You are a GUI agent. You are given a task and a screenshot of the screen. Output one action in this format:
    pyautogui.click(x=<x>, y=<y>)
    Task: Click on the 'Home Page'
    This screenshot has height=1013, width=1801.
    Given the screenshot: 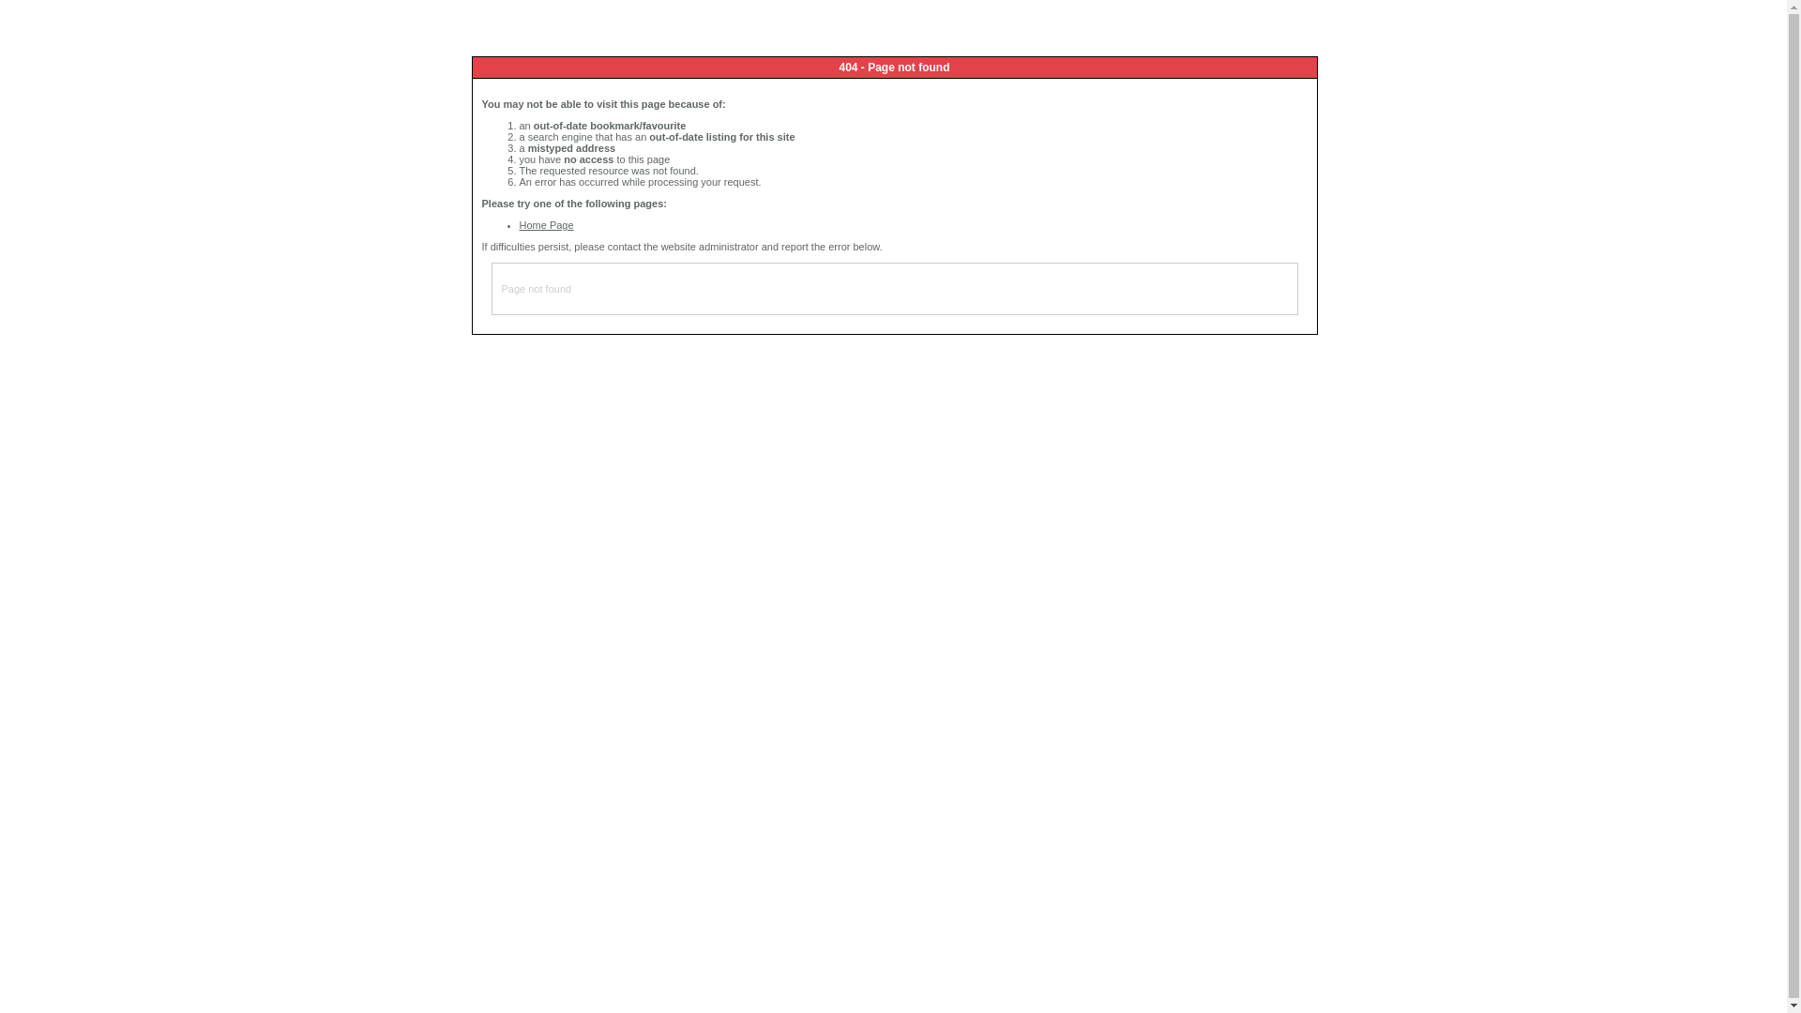 What is the action you would take?
    pyautogui.click(x=519, y=223)
    